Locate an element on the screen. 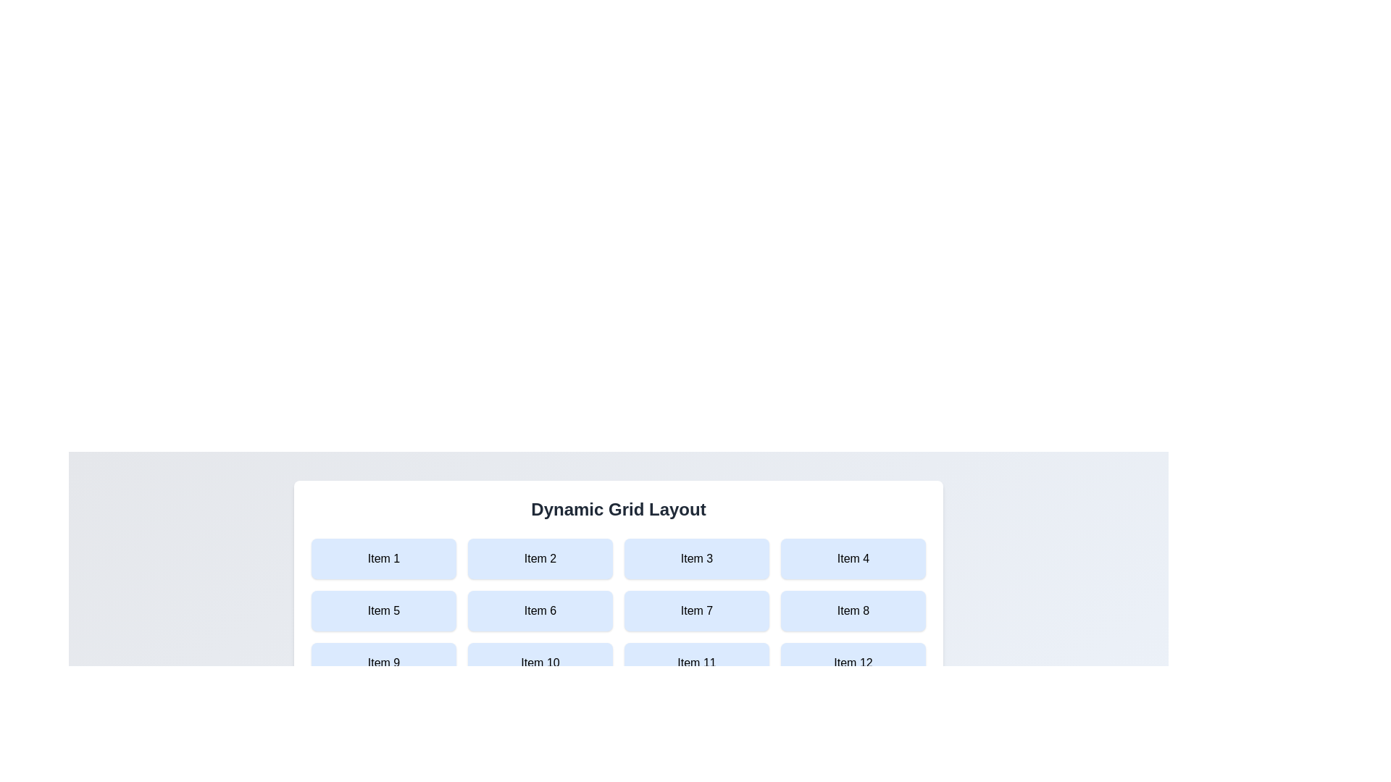 The image size is (1391, 782). the button labeled 'Item 12', which is a rectangular button with rounded corners and a light blue background, located in the last column of the third row in a four-by-four grid layout is located at coordinates (853, 663).